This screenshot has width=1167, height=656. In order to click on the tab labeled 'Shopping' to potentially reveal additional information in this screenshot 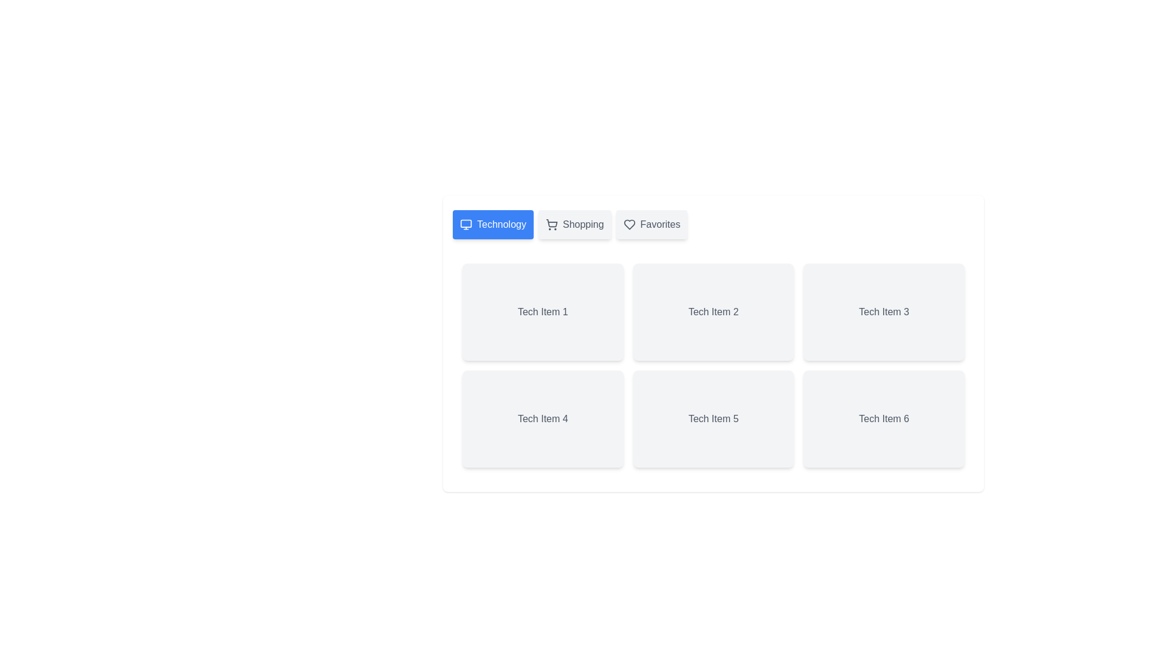, I will do `click(574, 225)`.